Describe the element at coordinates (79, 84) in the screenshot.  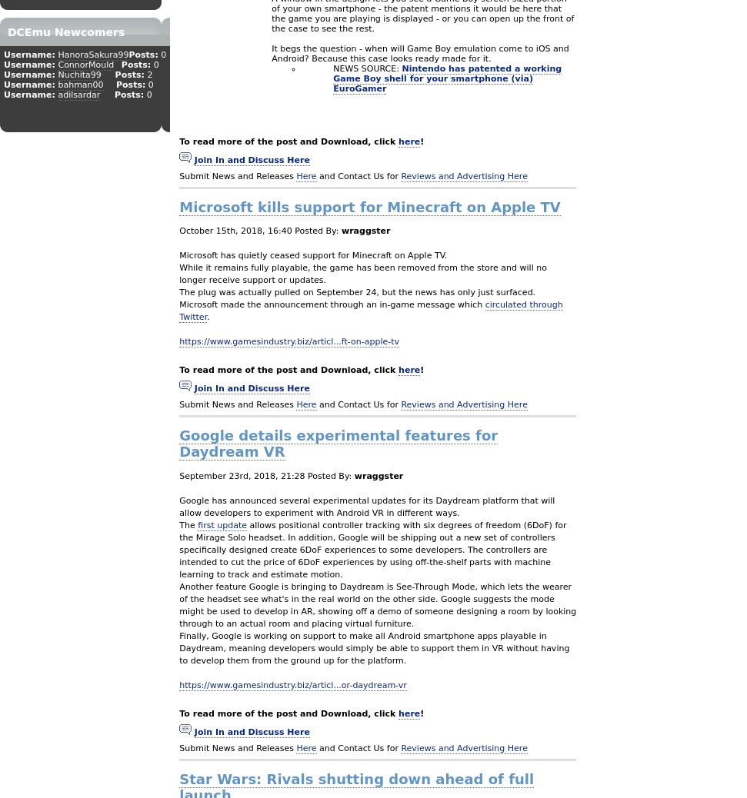
I see `'bahman00'` at that location.